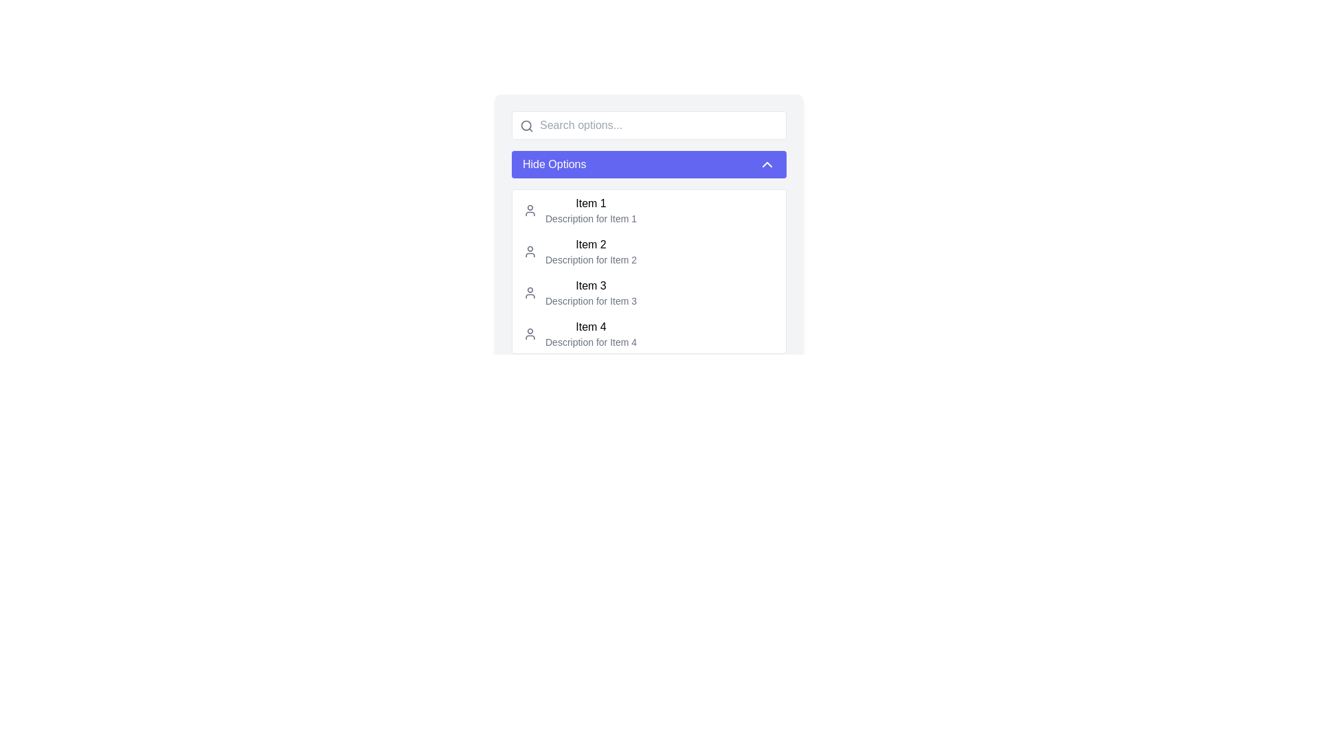 Image resolution: width=1319 pixels, height=741 pixels. Describe the element at coordinates (591, 244) in the screenshot. I see `the text label that displays the title or name of the second item in the list within the dropdown panel, positioned between 'Item 1' and 'Item 3'` at that location.